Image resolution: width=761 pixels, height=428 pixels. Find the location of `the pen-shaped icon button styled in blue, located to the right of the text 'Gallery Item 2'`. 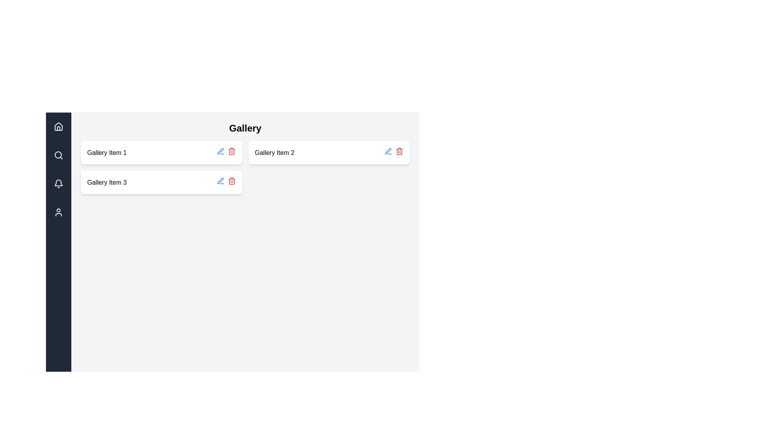

the pen-shaped icon button styled in blue, located to the right of the text 'Gallery Item 2' is located at coordinates (388, 151).